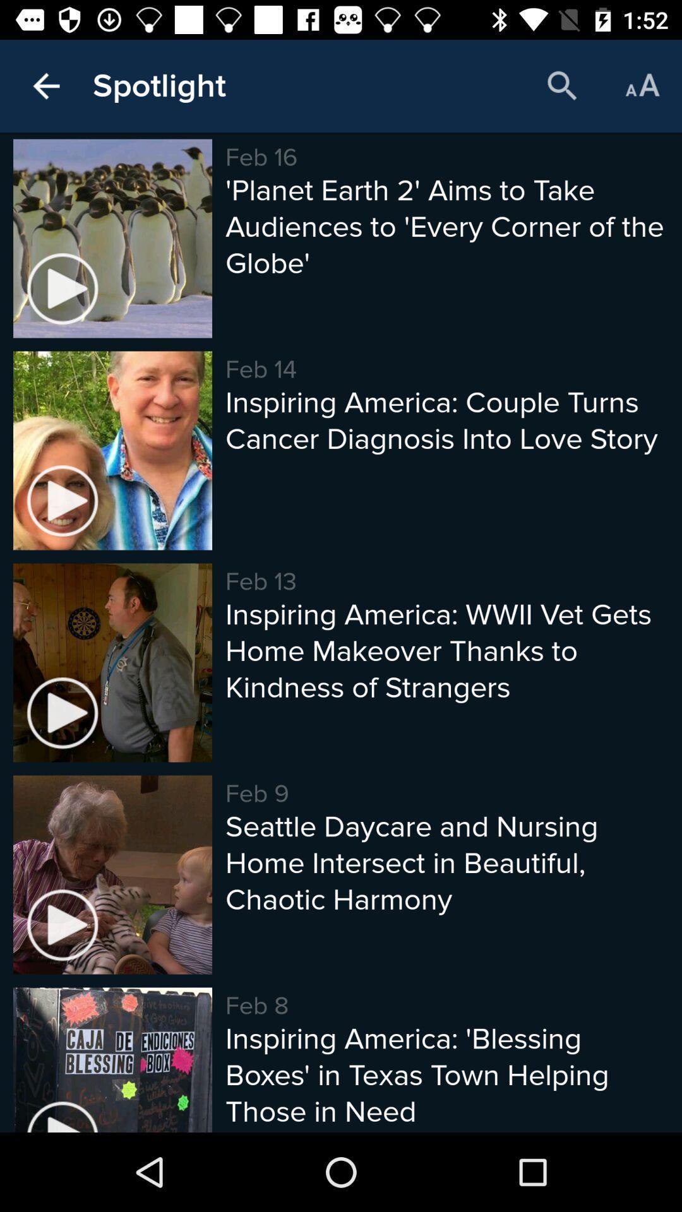 The height and width of the screenshot is (1212, 682). I want to click on the item next to the feb 16 item, so click(159, 85).